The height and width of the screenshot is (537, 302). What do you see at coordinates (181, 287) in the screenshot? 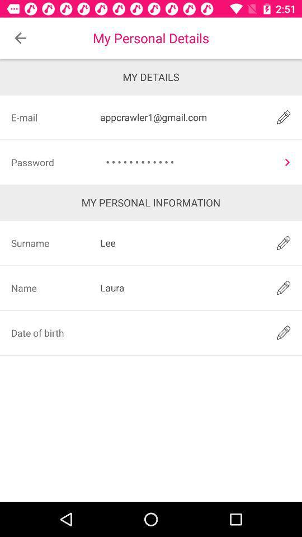
I see `laura icon` at bounding box center [181, 287].